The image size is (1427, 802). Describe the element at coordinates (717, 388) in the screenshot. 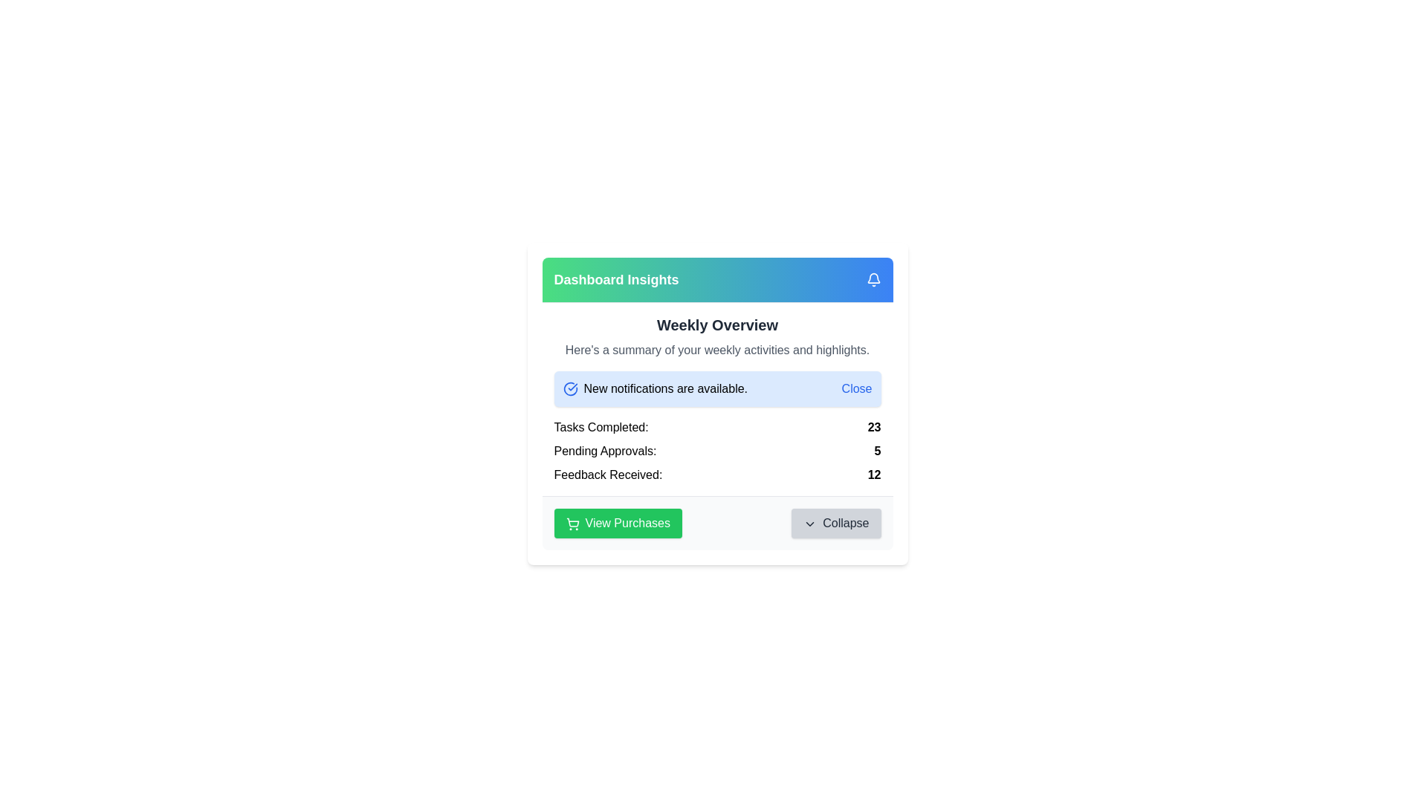

I see `the Notification banner that displays 'New notifications are available.' and includes a dismiss 'Close' link` at that location.